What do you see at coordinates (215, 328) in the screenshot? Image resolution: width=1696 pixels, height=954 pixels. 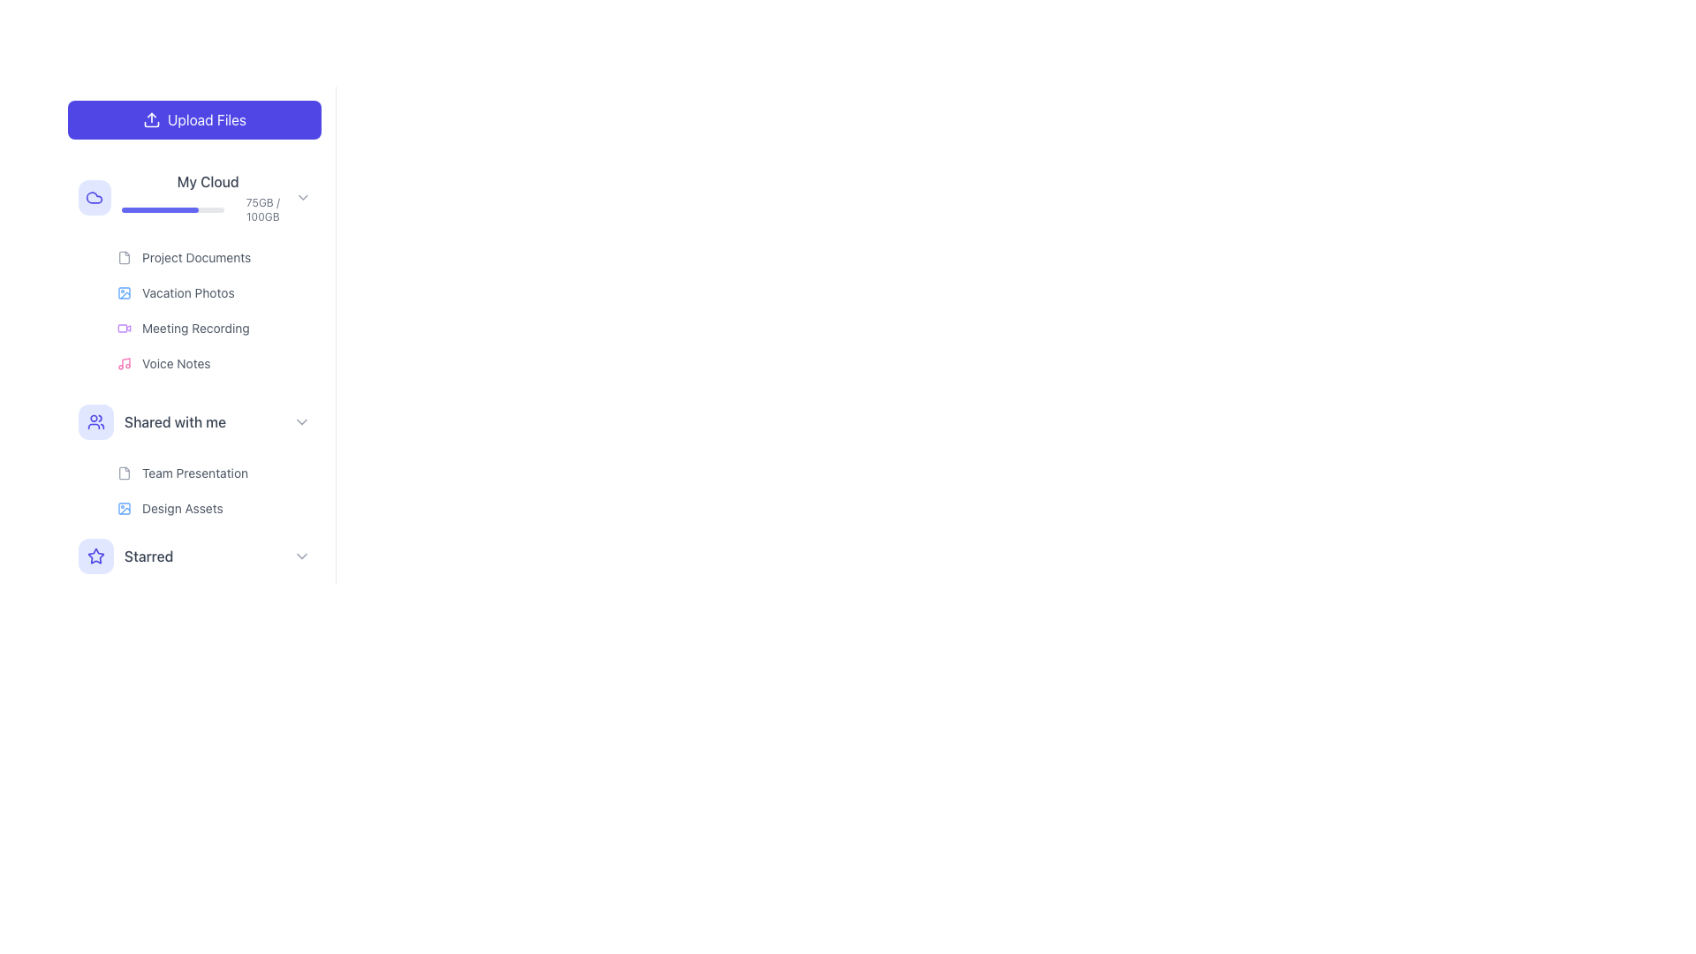 I see `the list item labeled 'Meeting Recording' in the 'My Cloud' section` at bounding box center [215, 328].